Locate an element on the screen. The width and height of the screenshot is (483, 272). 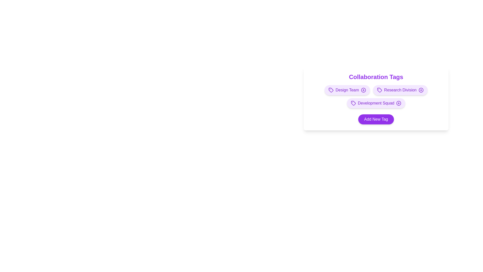
remove icon next to the tag labeled Research Division to delete it is located at coordinates (421, 90).